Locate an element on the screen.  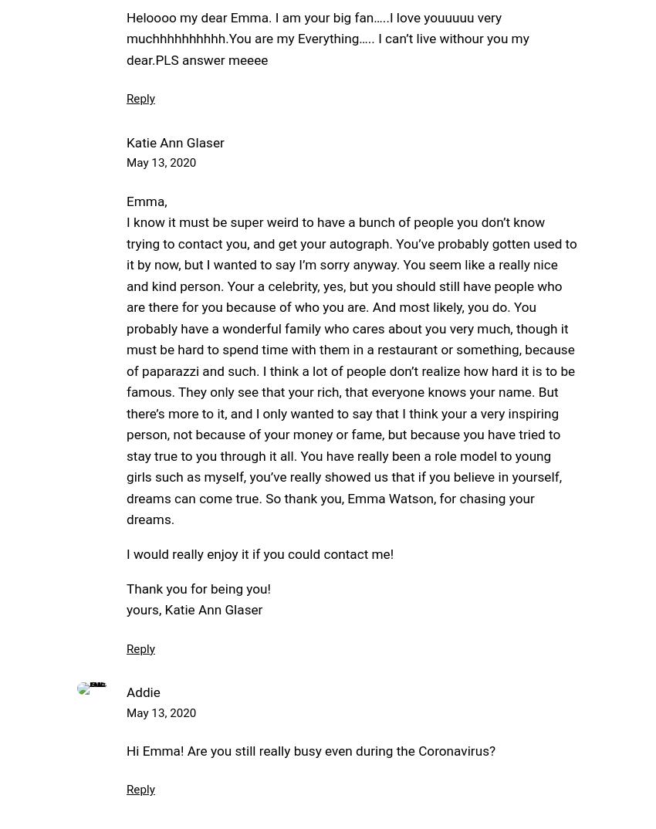
'Heloooo my dear Emma. I am your big fan…..I love youuuuu very muchhhhhhhhhh.You are my Everything….. I can’t live withour you my dear.PLS answer meeee' is located at coordinates (327, 37).